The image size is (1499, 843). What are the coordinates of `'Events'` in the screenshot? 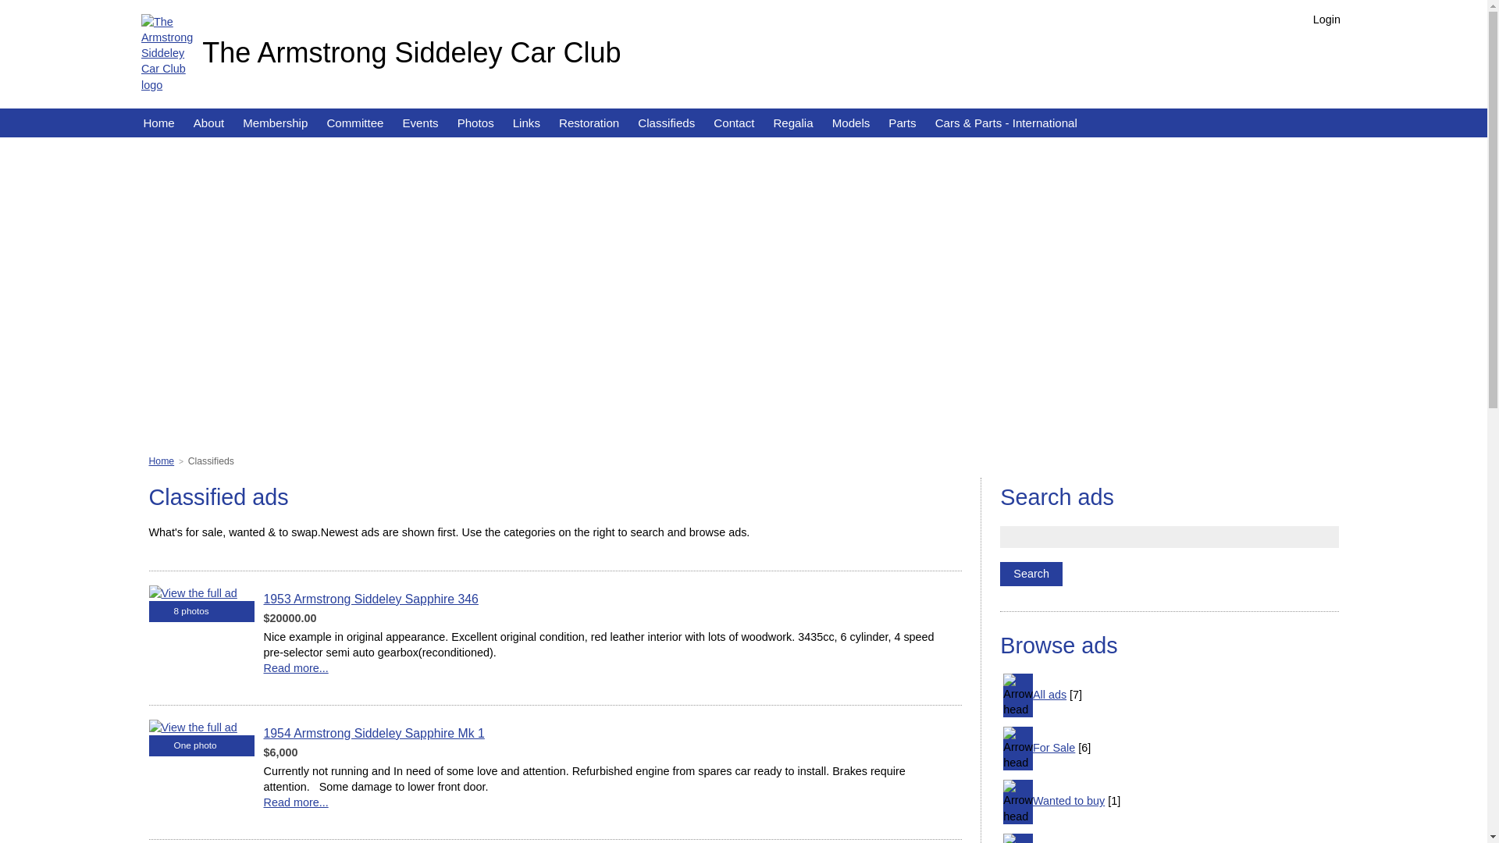 It's located at (393, 123).